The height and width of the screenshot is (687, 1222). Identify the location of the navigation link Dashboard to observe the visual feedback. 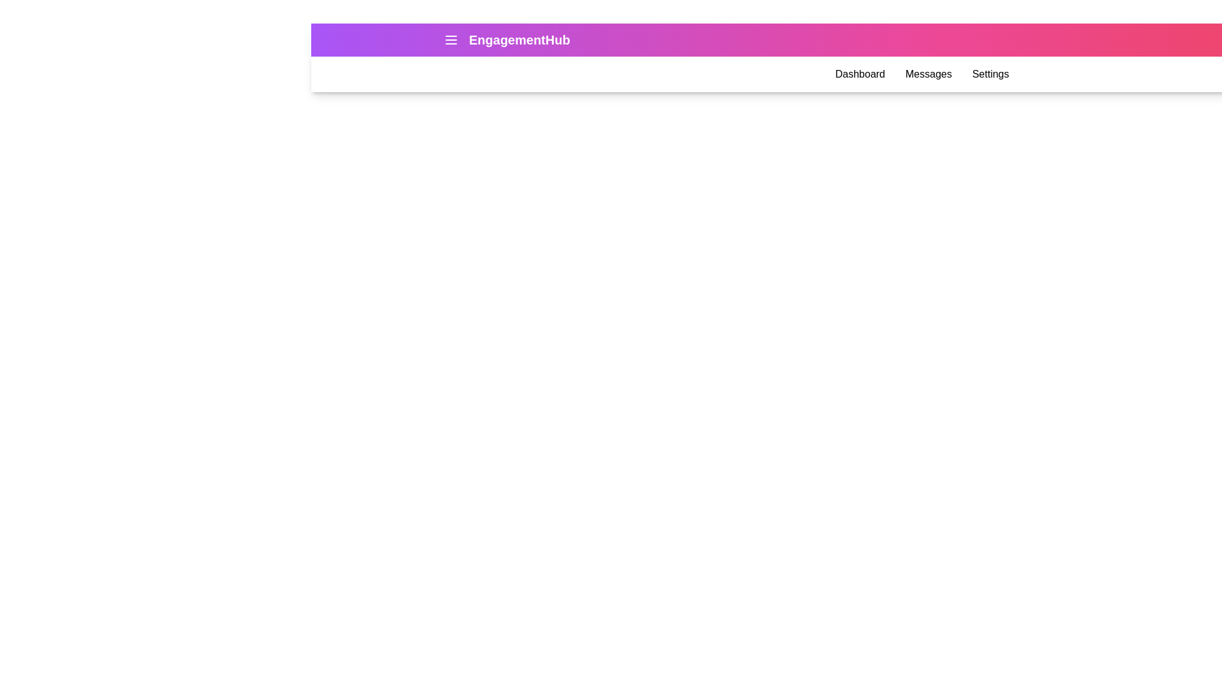
(860, 74).